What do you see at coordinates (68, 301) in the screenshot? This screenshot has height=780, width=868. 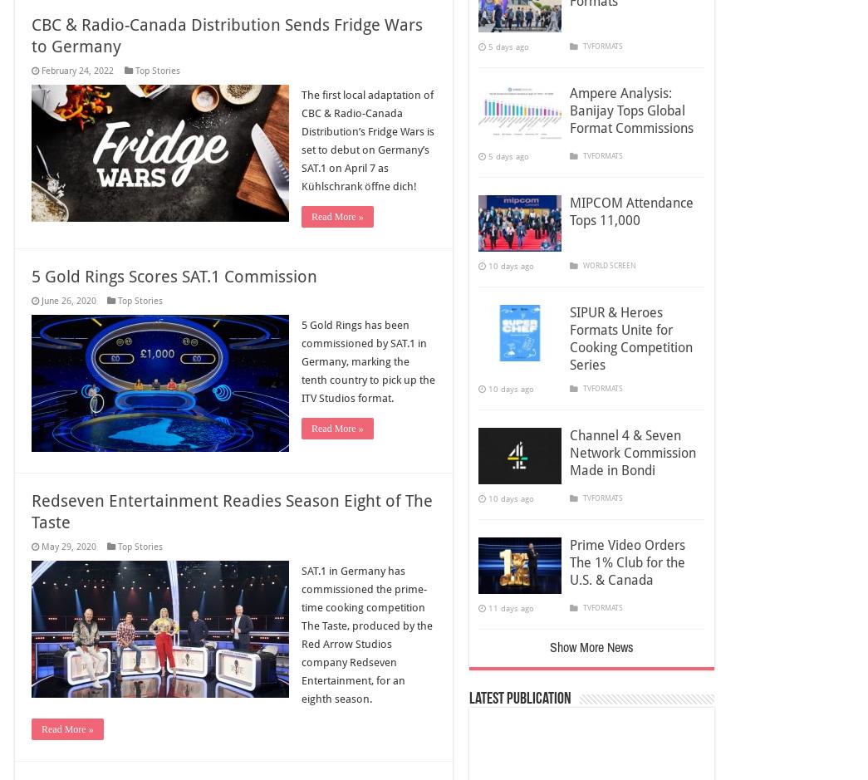 I see `'June 26, 2020'` at bounding box center [68, 301].